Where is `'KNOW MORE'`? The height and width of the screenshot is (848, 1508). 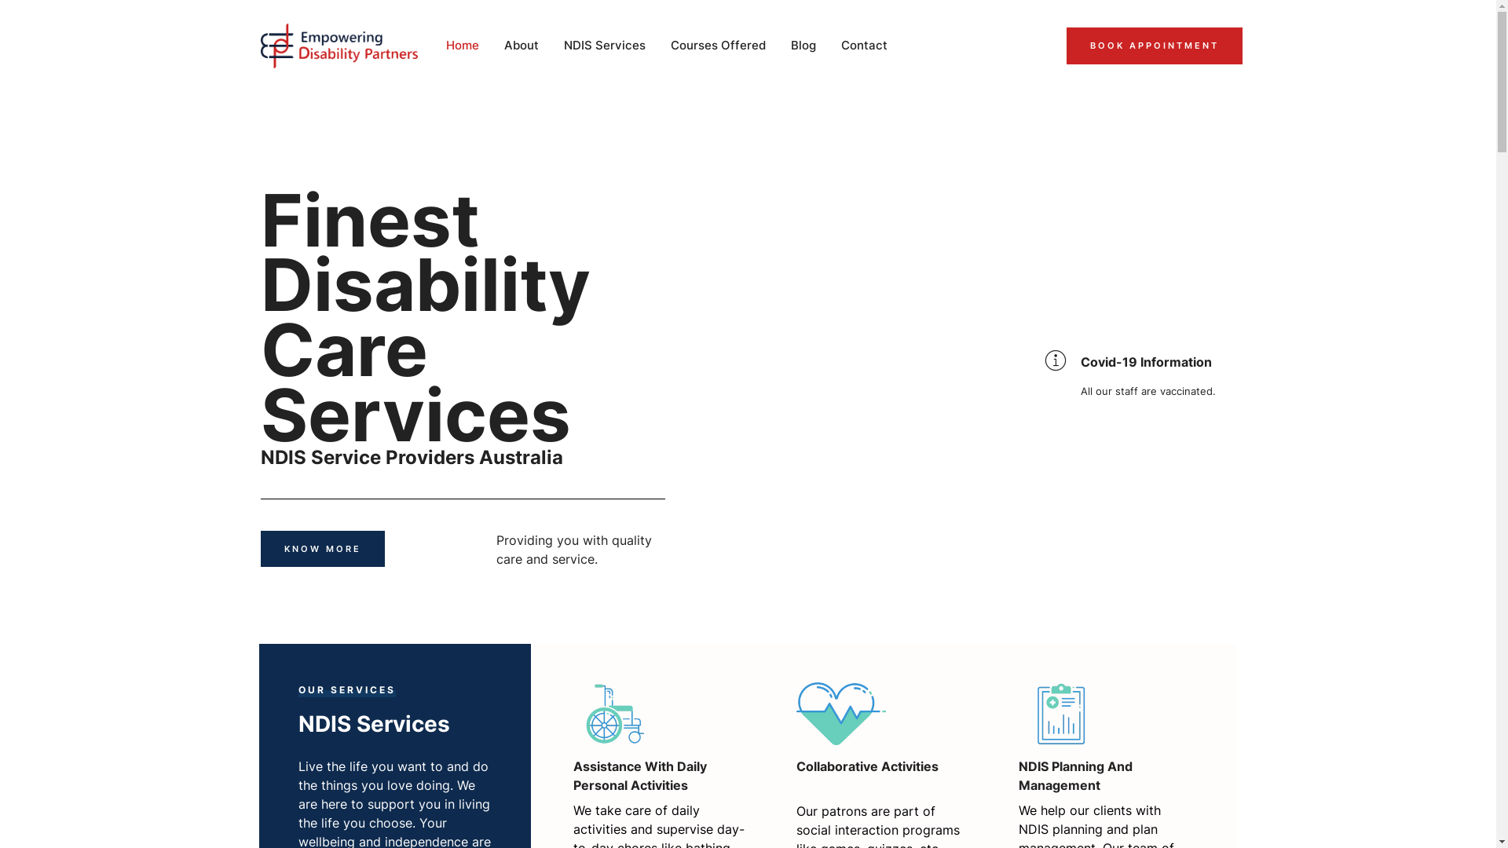
'KNOW MORE' is located at coordinates (322, 548).